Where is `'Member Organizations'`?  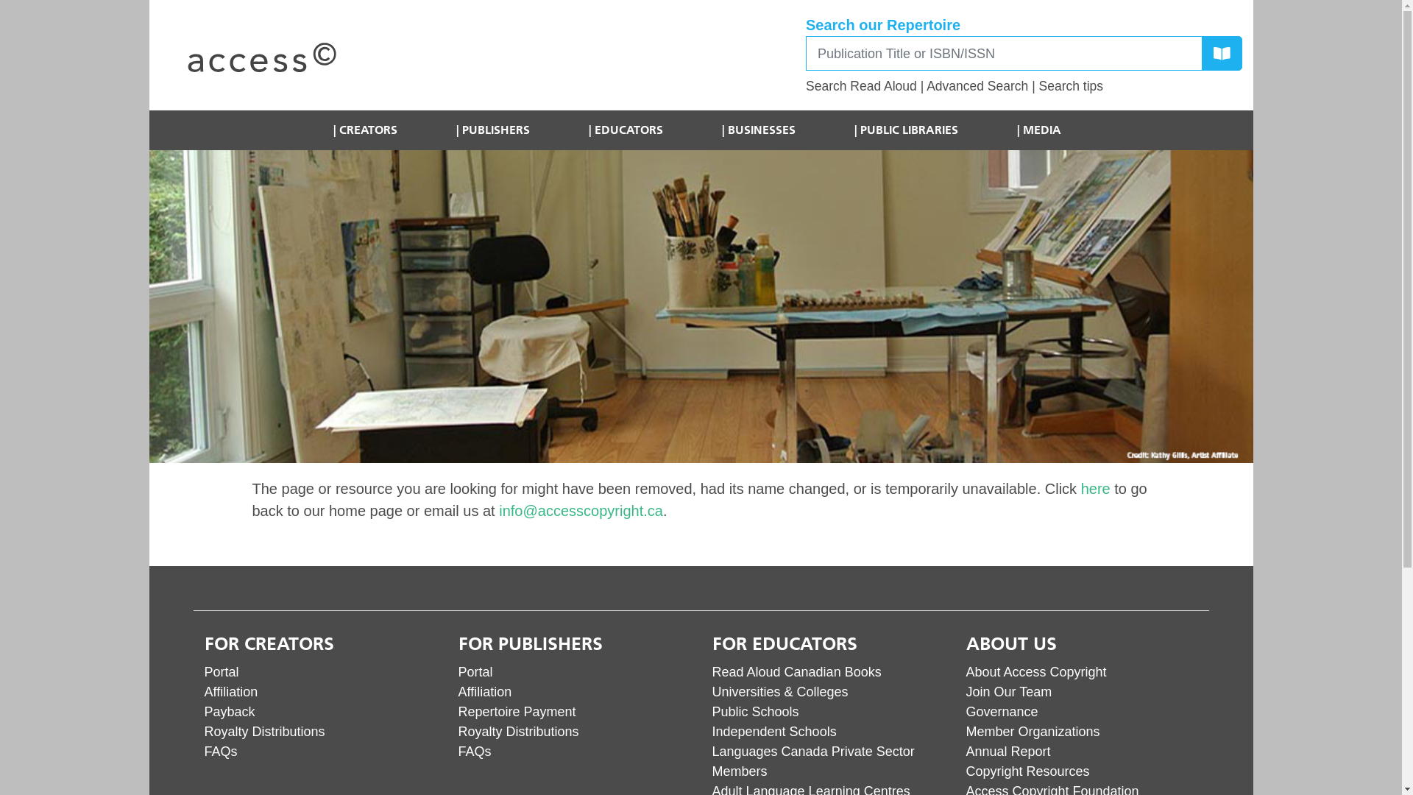 'Member Organizations' is located at coordinates (1031, 732).